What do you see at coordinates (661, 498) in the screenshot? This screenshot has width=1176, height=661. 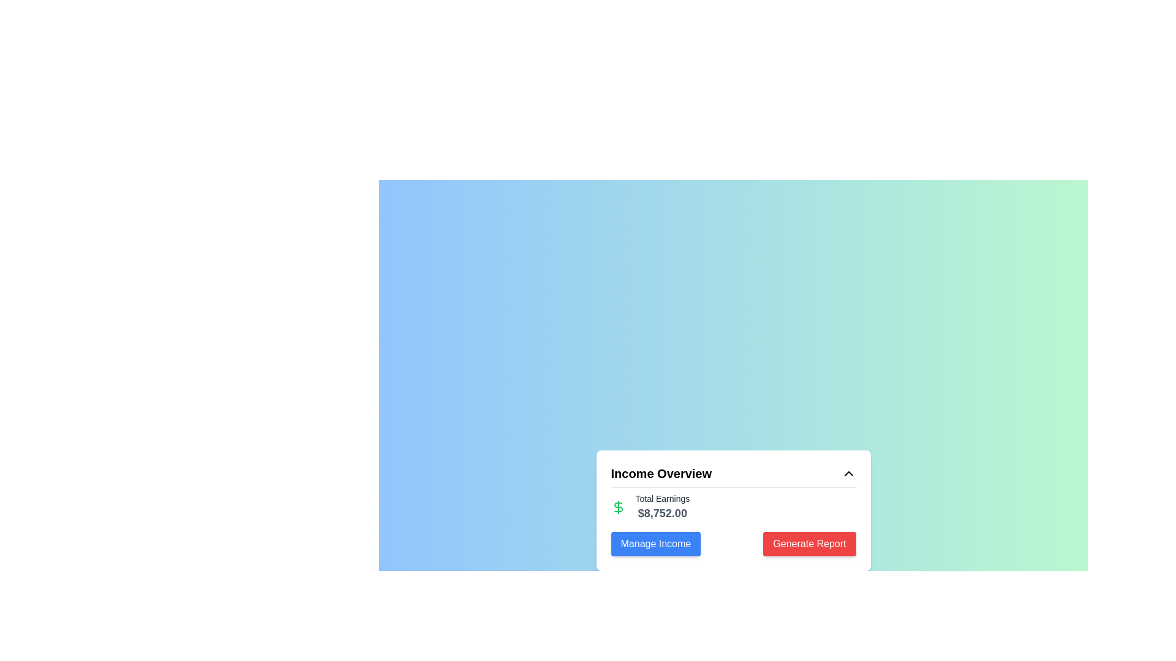 I see `the text label that indicates the total earnings, which is positioned at the top of the financial information section` at bounding box center [661, 498].